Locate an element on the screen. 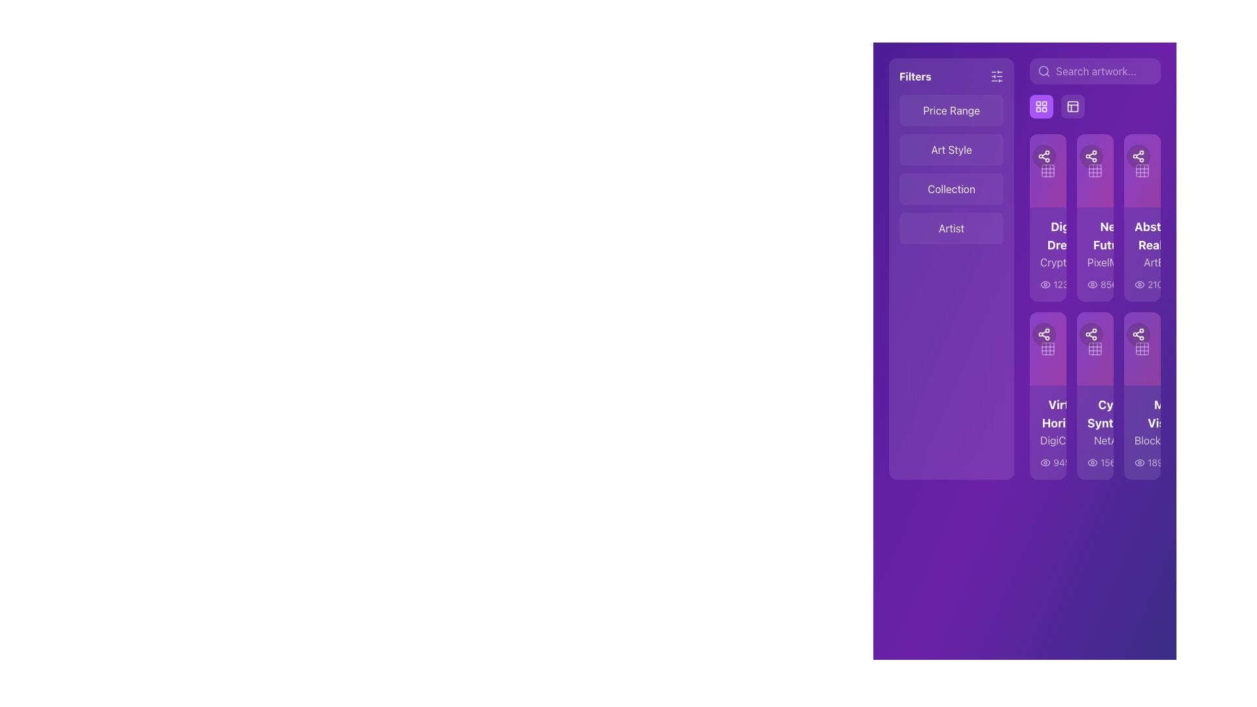 This screenshot has height=707, width=1257. the numeric indicator displaying '856' on a purple background, located next to the eye icon in the middle-right section of the interface is located at coordinates (1108, 284).